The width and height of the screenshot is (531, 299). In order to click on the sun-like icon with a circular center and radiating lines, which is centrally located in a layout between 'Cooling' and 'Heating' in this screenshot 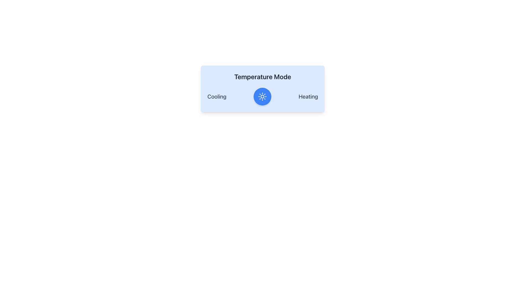, I will do `click(262, 96)`.